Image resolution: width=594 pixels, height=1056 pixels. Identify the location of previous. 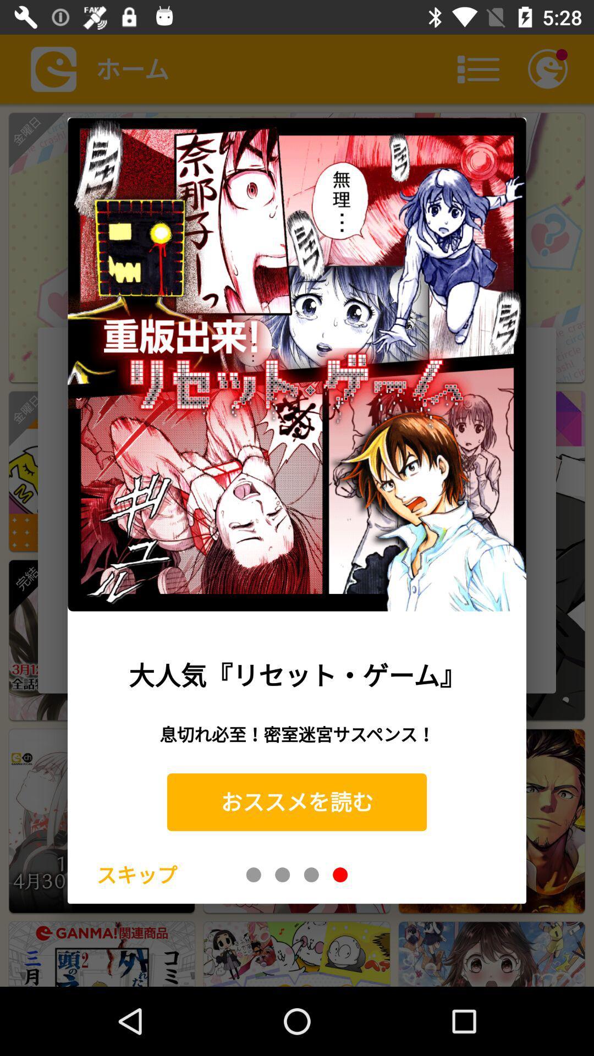
(311, 874).